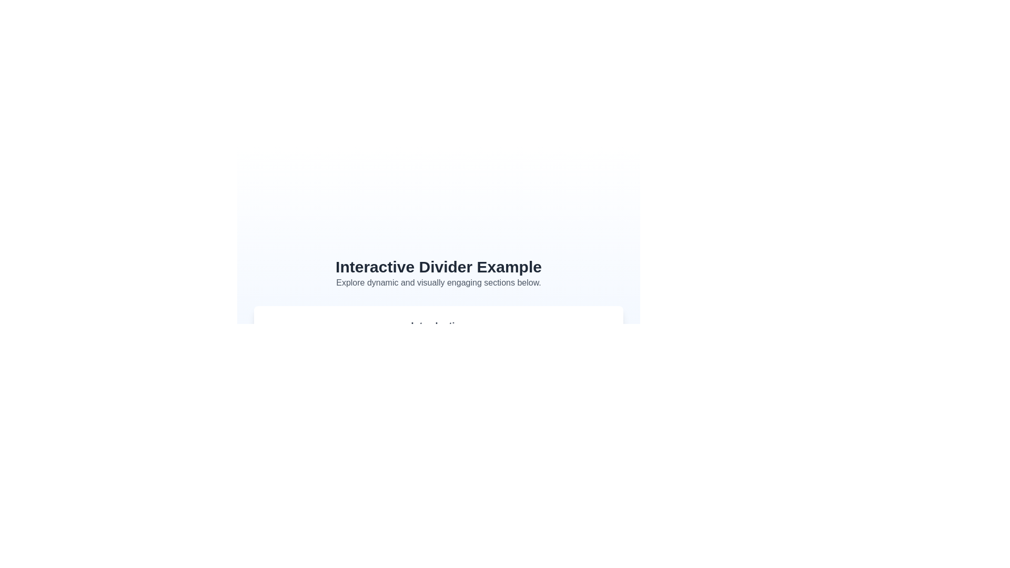 The width and height of the screenshot is (1010, 568). What do you see at coordinates (439, 282) in the screenshot?
I see `the text element with the content 'Explore dynamic and visually engaging sections below.' which is styled in light gray and is located beneath the bold black text 'Interactive Divider Example'` at bounding box center [439, 282].